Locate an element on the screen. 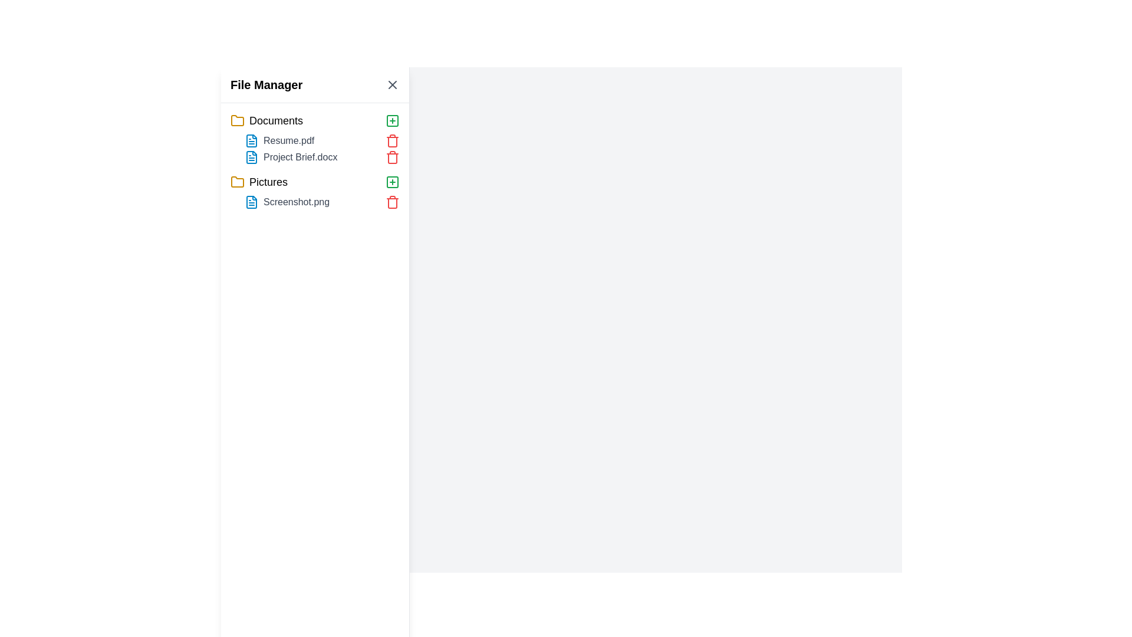 This screenshot has height=637, width=1132. the 'Documents' text label, which is styled in bold and larger font, located under the 'File Manager' section next to a yellow folder icon is located at coordinates (275, 120).